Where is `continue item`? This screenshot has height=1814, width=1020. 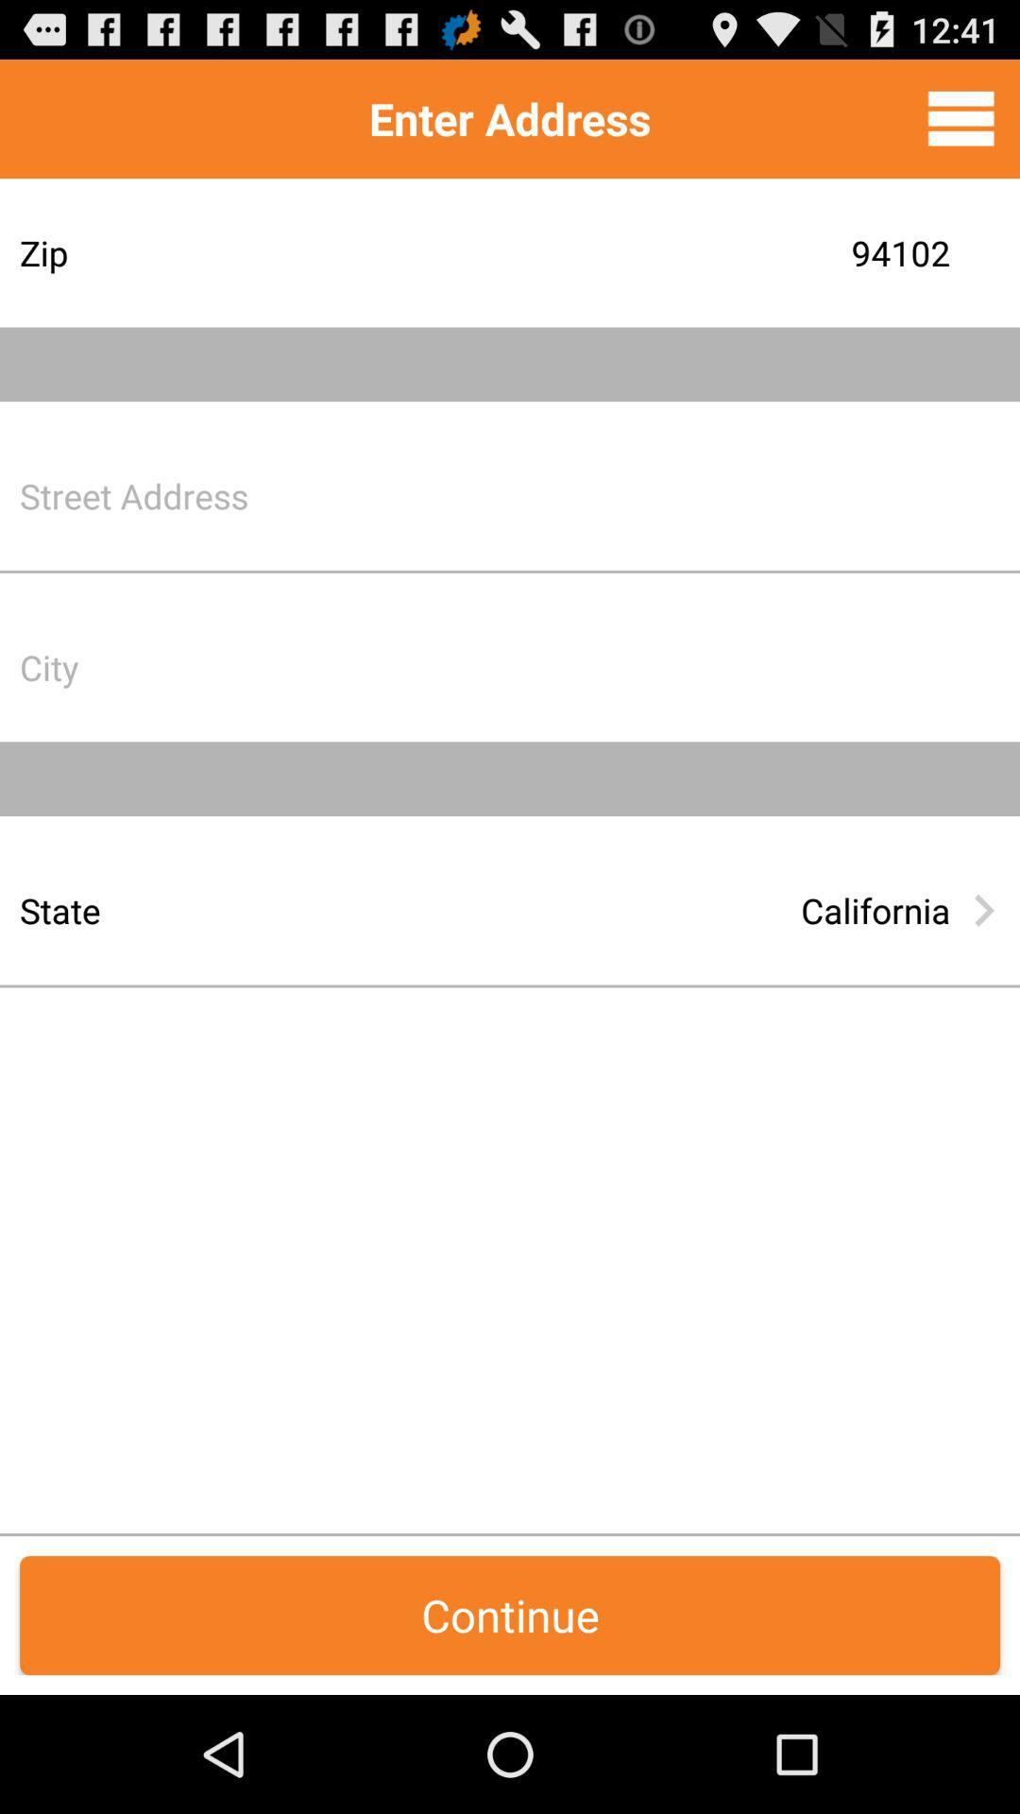 continue item is located at coordinates (510, 1614).